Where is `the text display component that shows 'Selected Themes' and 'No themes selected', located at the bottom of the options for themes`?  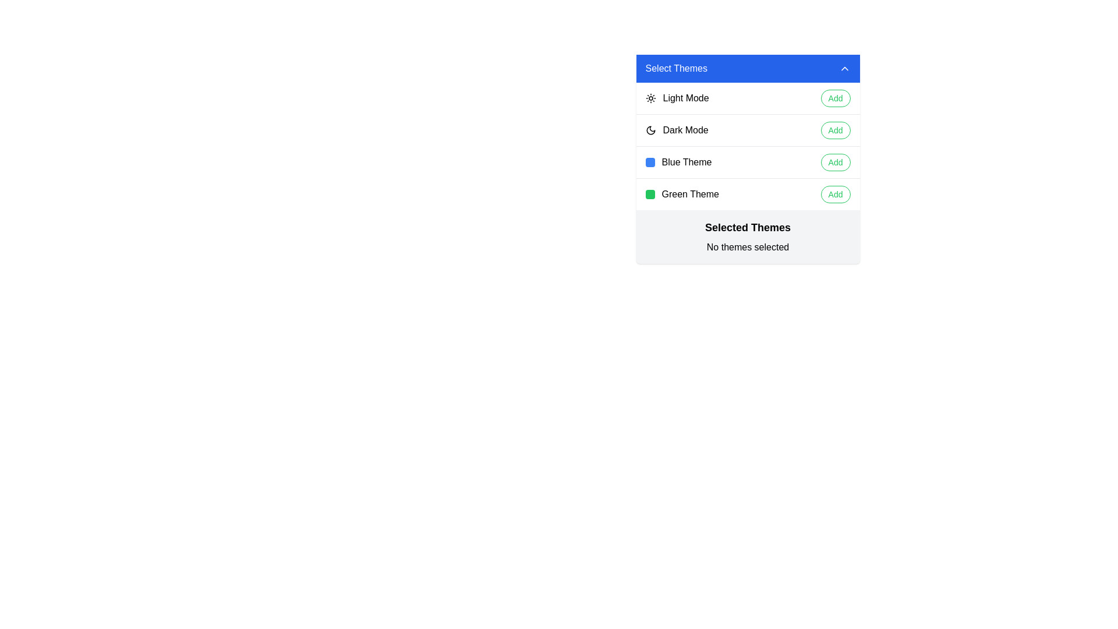
the text display component that shows 'Selected Themes' and 'No themes selected', located at the bottom of the options for themes is located at coordinates (748, 236).